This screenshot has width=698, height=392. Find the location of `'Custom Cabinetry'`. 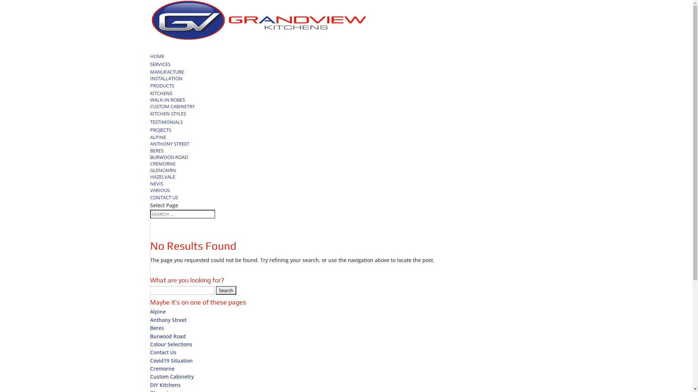

'Custom Cabinetry' is located at coordinates (171, 376).